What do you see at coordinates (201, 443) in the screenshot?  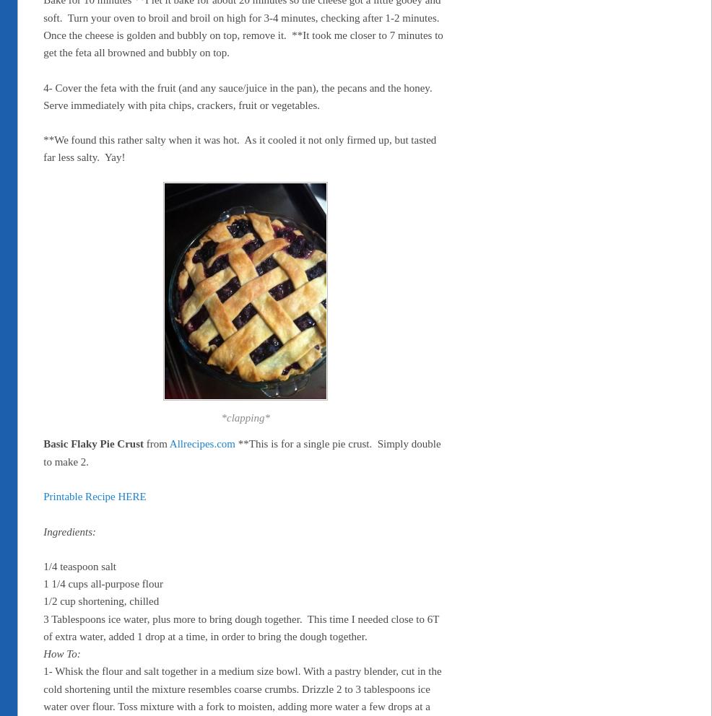 I see `'Allrecipes.com'` at bounding box center [201, 443].